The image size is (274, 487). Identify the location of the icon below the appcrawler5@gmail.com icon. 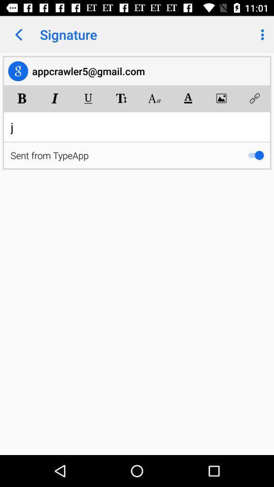
(55, 98).